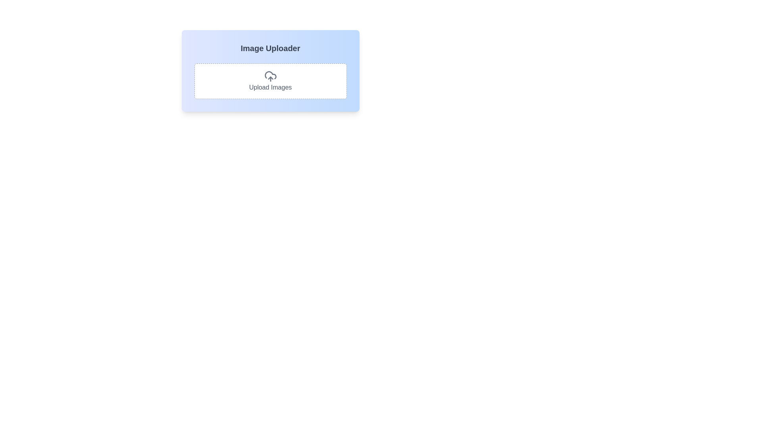  What do you see at coordinates (270, 81) in the screenshot?
I see `the 'Upload Images' button, which is a rectangular area with a dashed border, containing a cloud icon with an upward arrow and the text 'Upload Images' below it, located in the 'Image Uploader' section` at bounding box center [270, 81].